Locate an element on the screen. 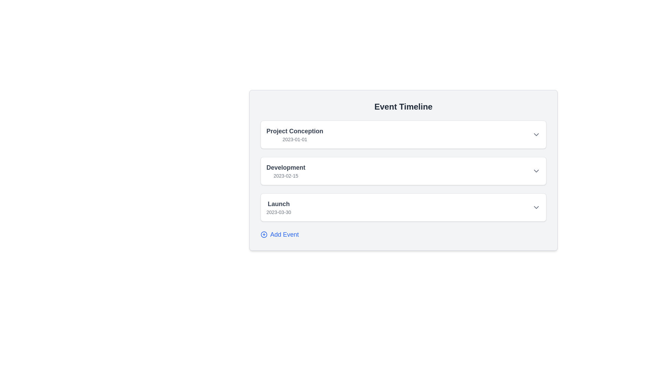 The height and width of the screenshot is (371, 661). the text display element that denotes the event name 'Development' and its associated date '2023-02-15' in the timeline, which is positioned between 'Project Conception (2023-01-01)' and 'Launch (2023-03-30) is located at coordinates (286, 170).